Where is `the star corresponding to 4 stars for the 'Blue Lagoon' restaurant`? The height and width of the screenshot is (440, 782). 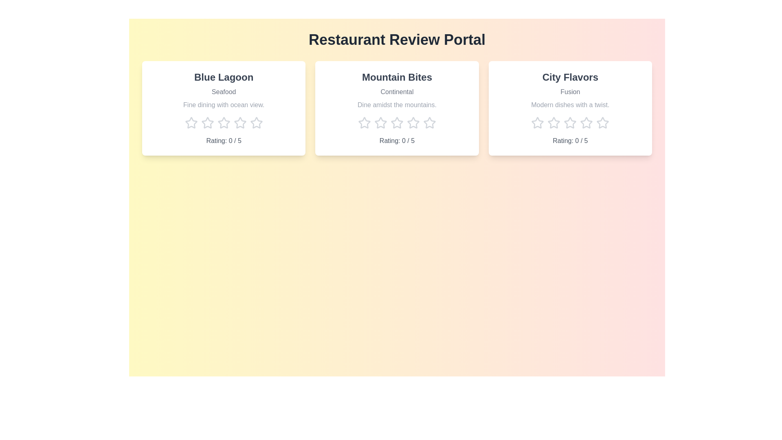 the star corresponding to 4 stars for the 'Blue Lagoon' restaurant is located at coordinates (239, 123).